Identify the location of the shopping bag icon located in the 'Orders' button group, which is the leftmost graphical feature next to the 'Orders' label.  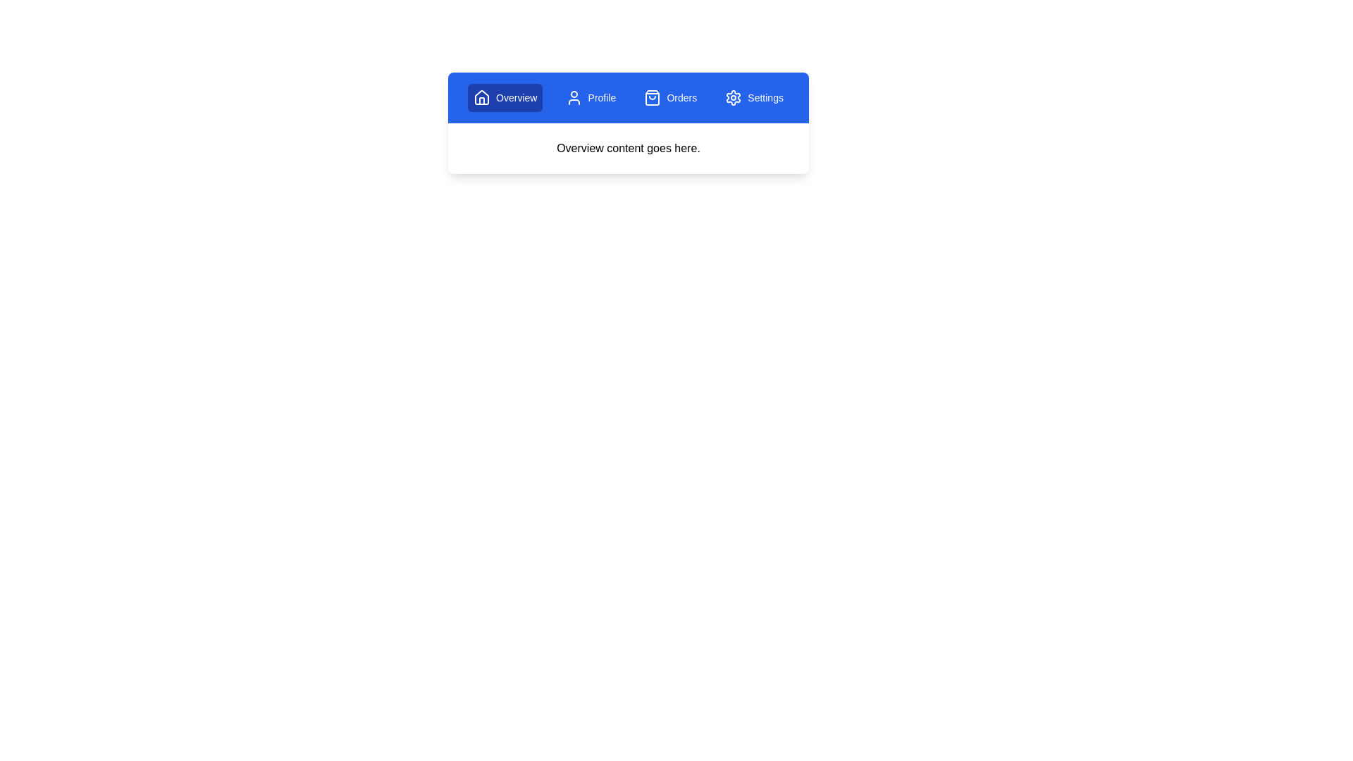
(652, 97).